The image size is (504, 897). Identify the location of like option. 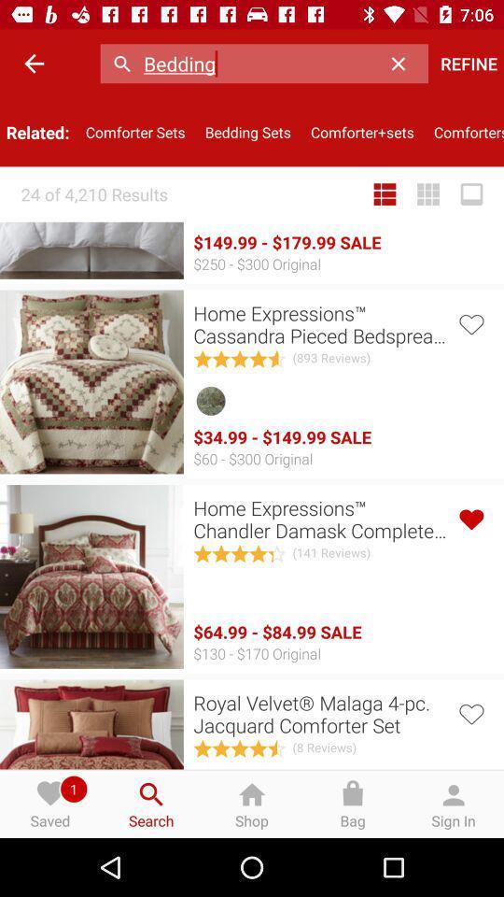
(469, 322).